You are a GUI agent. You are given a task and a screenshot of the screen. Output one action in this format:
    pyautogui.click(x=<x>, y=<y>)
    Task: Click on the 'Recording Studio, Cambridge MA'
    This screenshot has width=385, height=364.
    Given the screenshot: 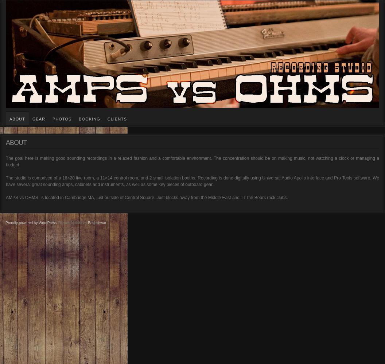 What is the action you would take?
    pyautogui.click(x=35, y=4)
    